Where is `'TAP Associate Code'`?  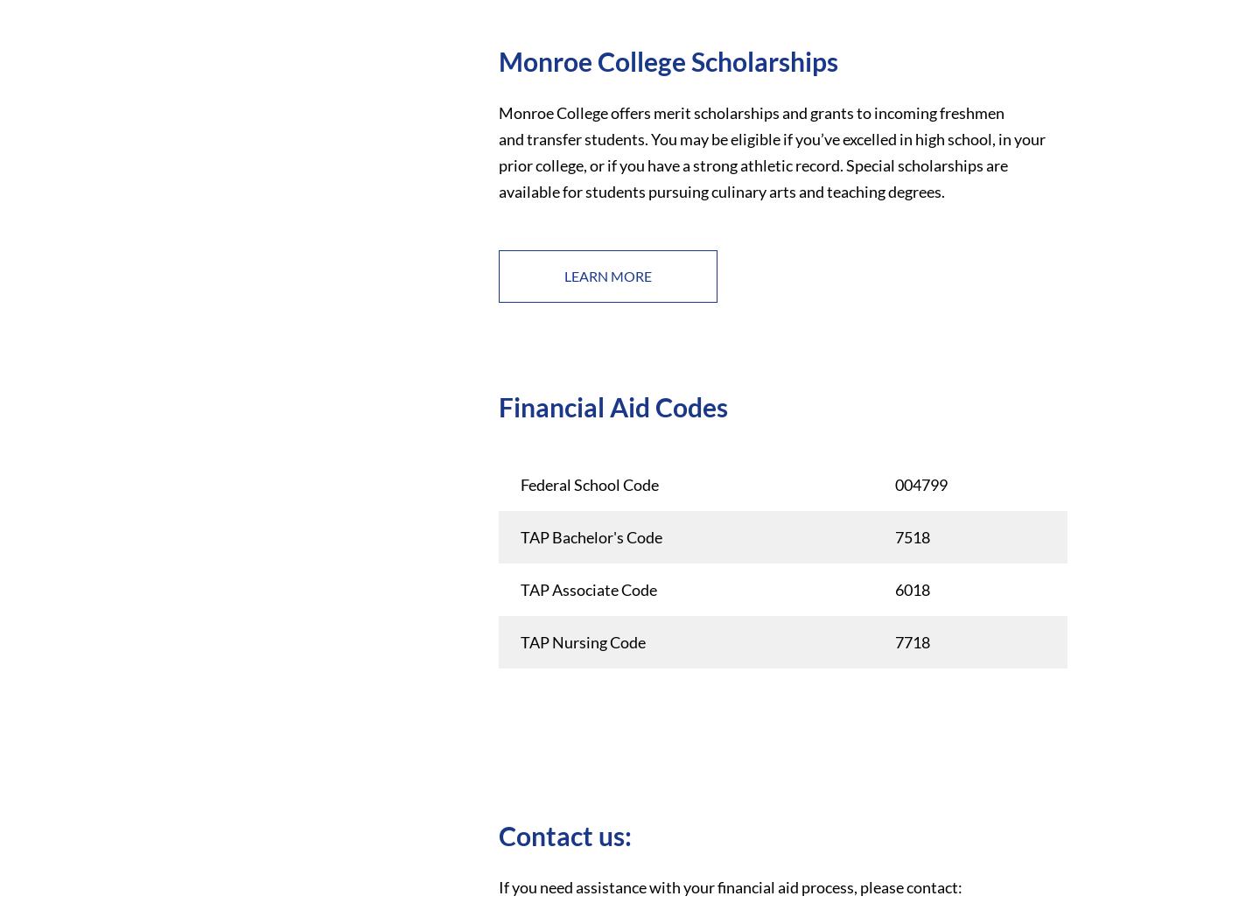
'TAP Associate Code' is located at coordinates (588, 587).